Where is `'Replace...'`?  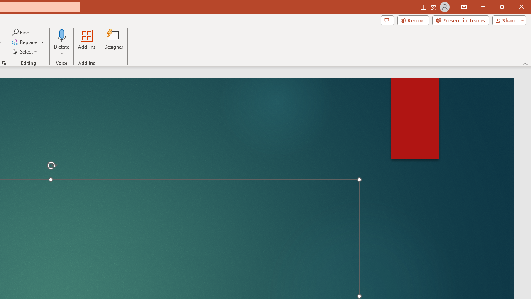
'Replace...' is located at coordinates (25, 42).